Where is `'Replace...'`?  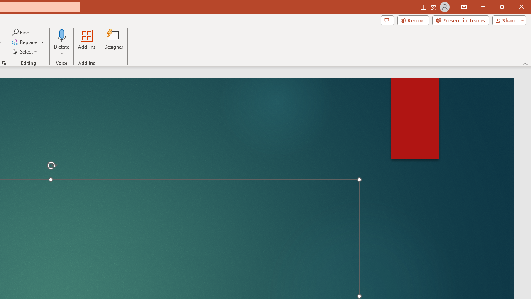
'Replace...' is located at coordinates (25, 42).